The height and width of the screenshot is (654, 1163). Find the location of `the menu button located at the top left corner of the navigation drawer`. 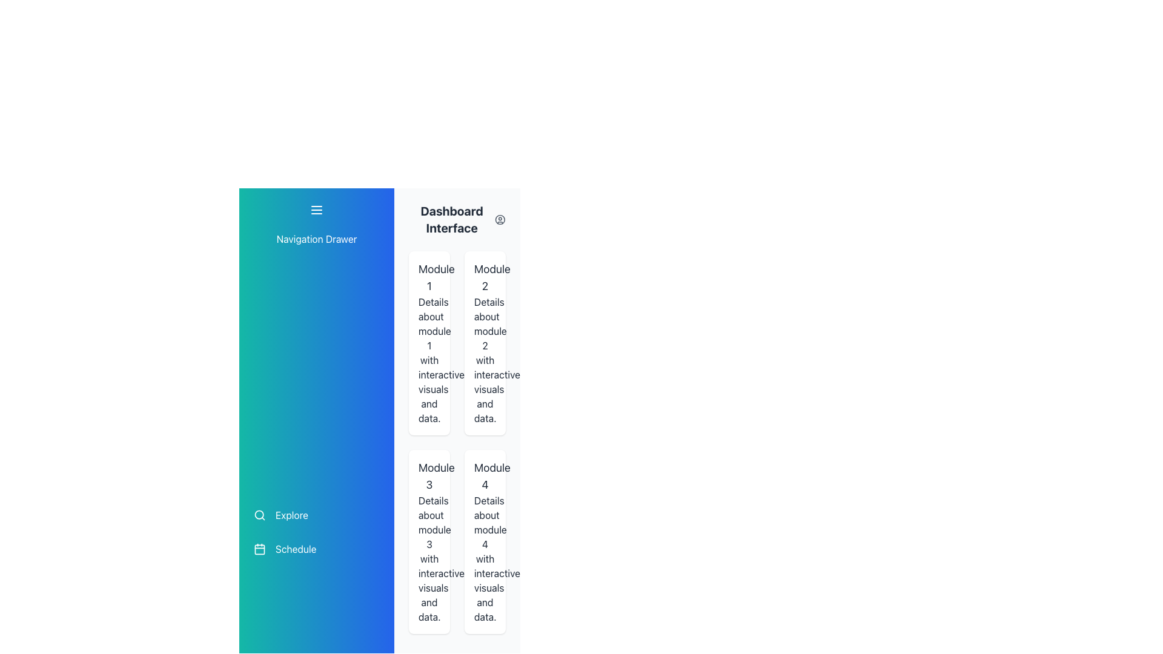

the menu button located at the top left corner of the navigation drawer is located at coordinates (317, 210).